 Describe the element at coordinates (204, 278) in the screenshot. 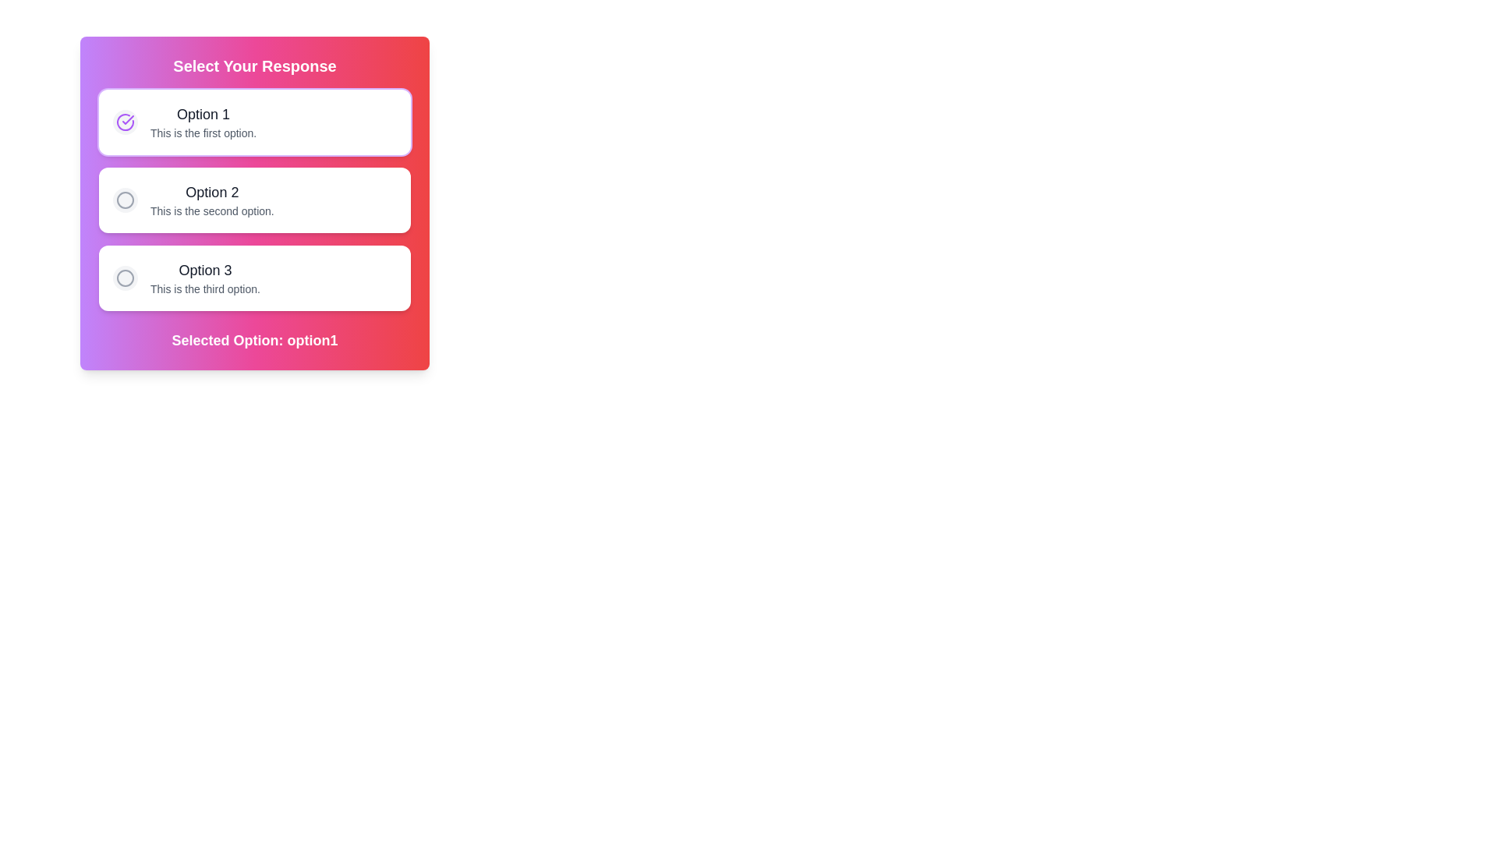

I see `the third option item in the vertical list` at that location.